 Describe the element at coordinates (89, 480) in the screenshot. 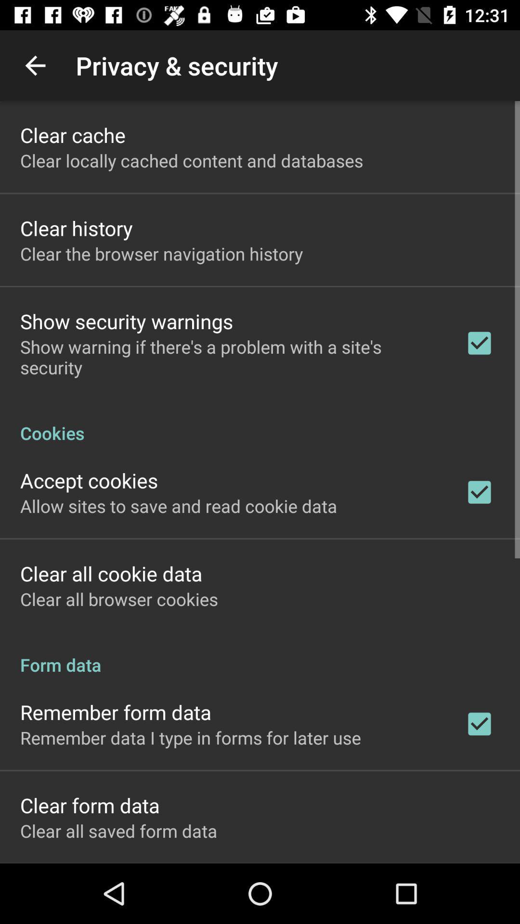

I see `the app below the cookies` at that location.